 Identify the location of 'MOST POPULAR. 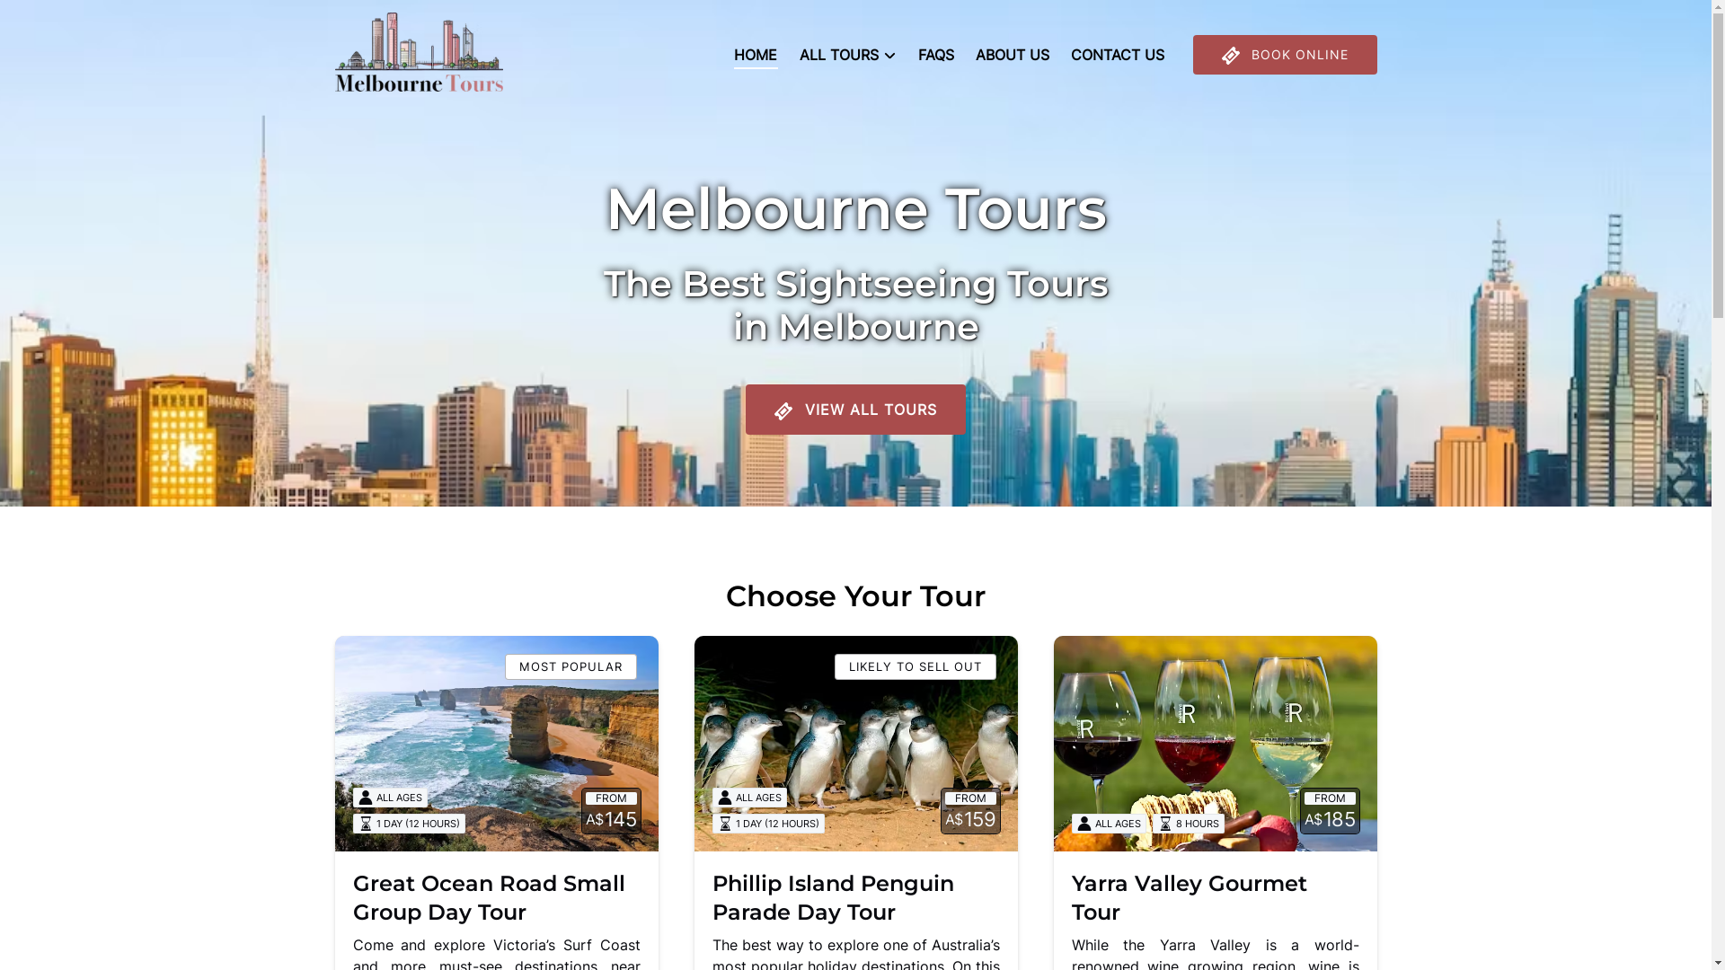
(334, 744).